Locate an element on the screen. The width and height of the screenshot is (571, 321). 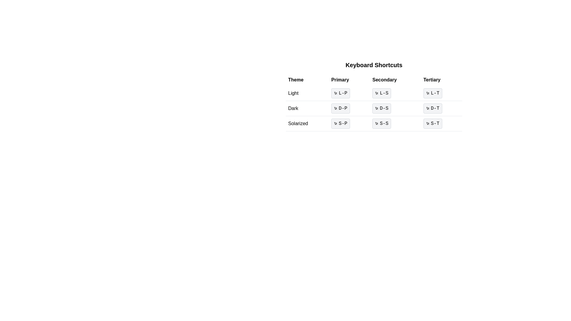
the 'Secondary' theme button located in the second position of the 'Dark' row, between the 'D-P' and 'D-T' buttons is located at coordinates (374, 108).